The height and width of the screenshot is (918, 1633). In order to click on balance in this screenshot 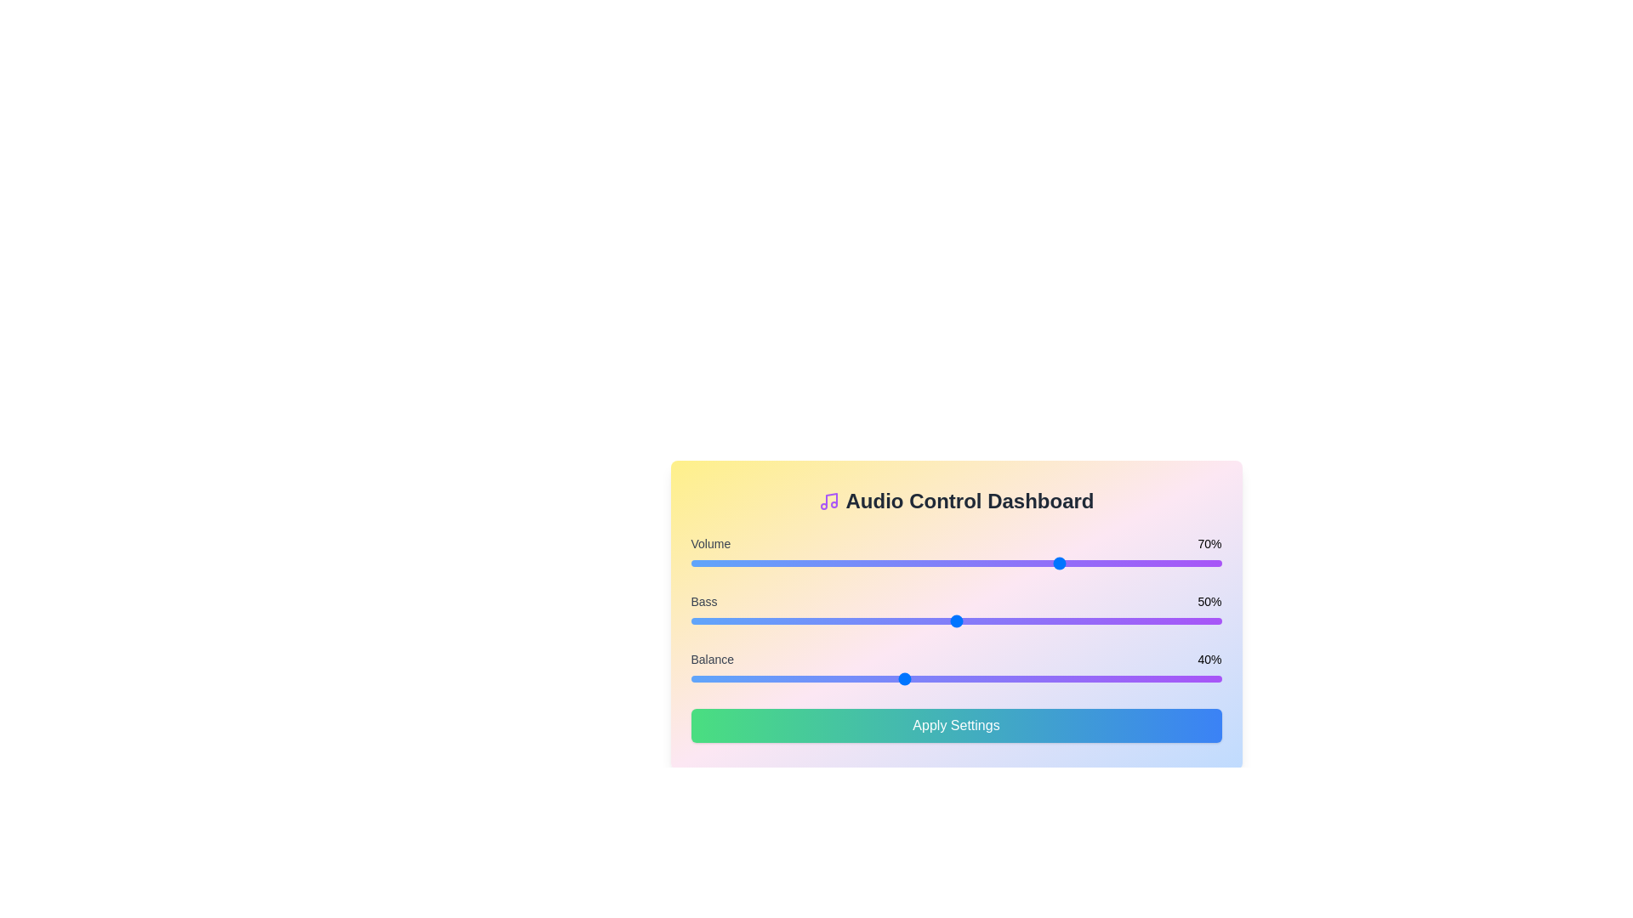, I will do `click(1004, 677)`.